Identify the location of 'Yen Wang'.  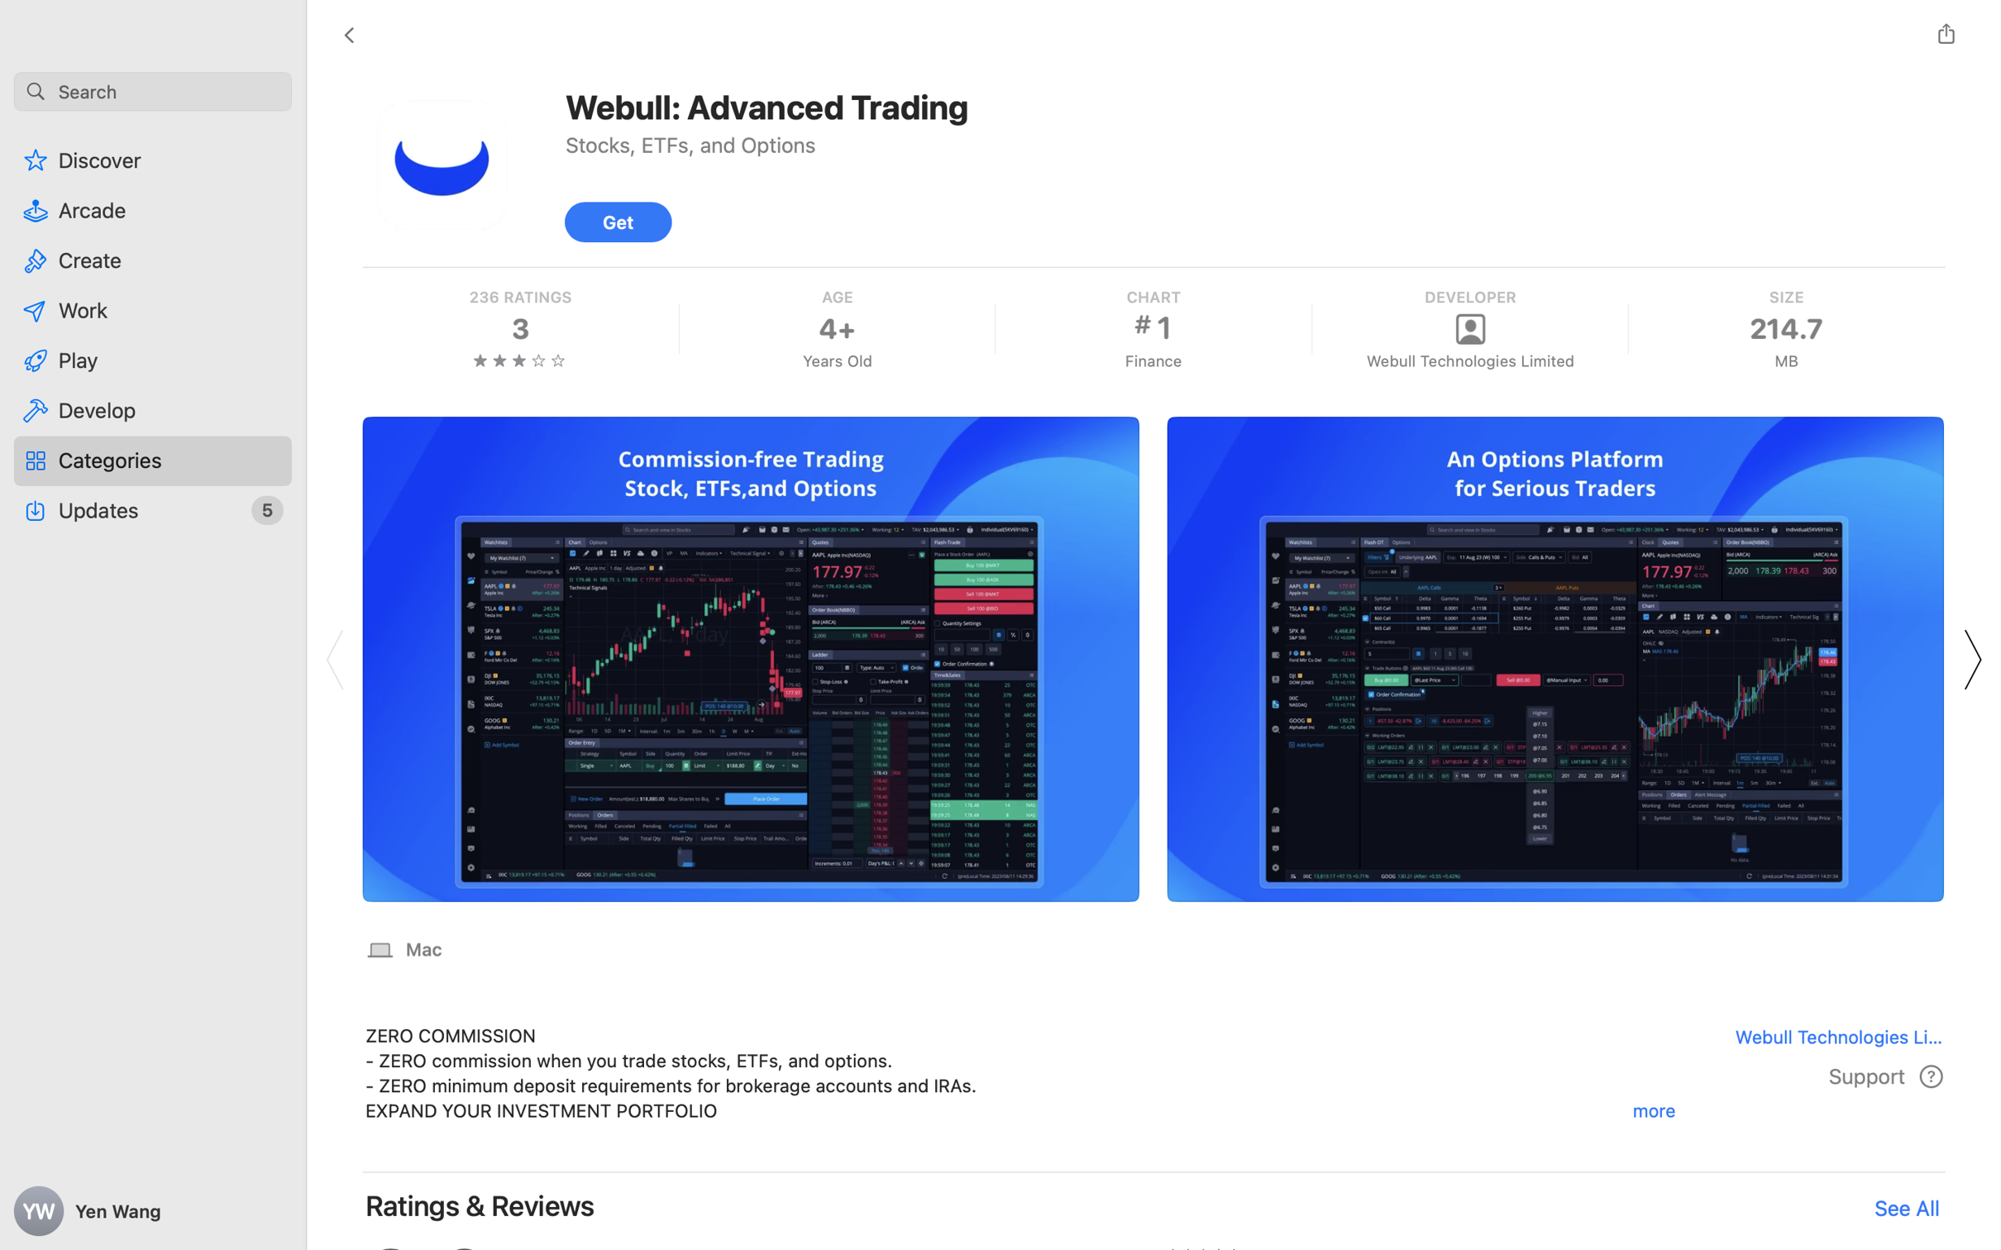
(153, 1211).